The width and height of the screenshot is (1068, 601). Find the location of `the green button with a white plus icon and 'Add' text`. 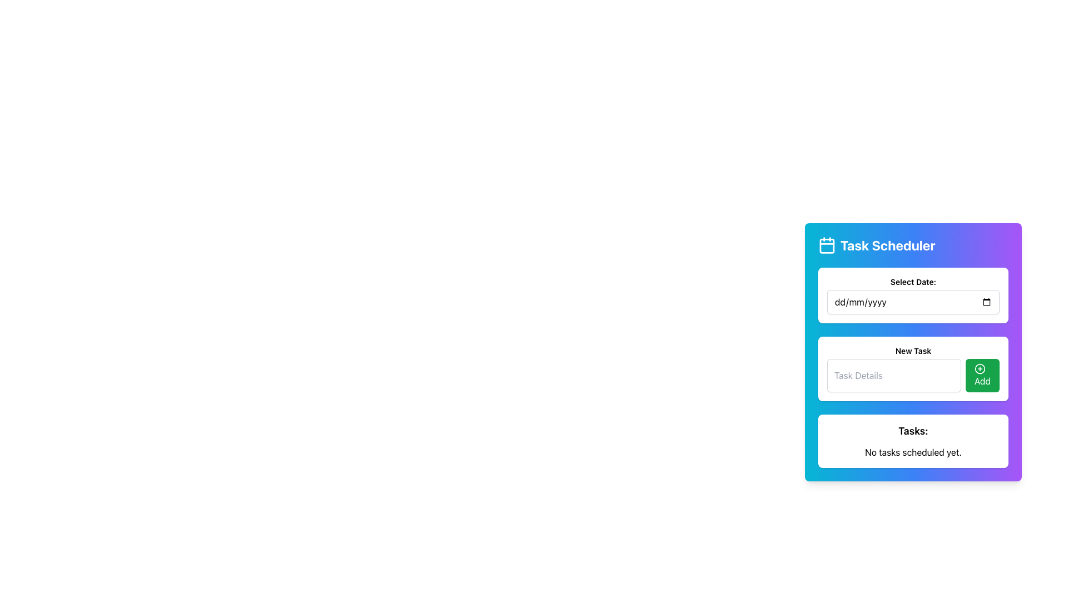

the green button with a white plus icon and 'Add' text is located at coordinates (982, 376).